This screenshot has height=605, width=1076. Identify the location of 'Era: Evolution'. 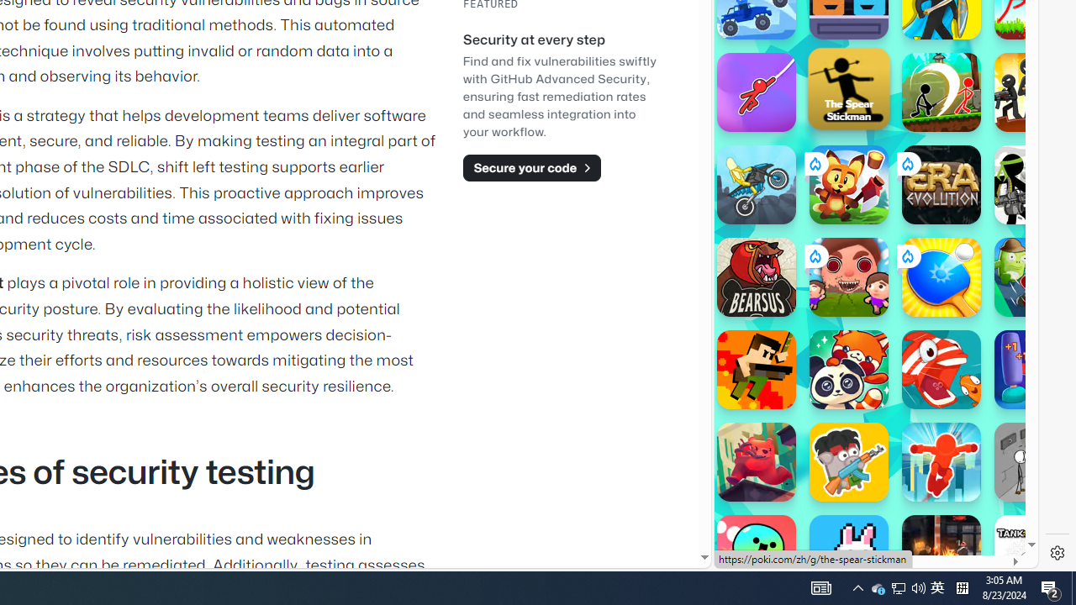
(941, 184).